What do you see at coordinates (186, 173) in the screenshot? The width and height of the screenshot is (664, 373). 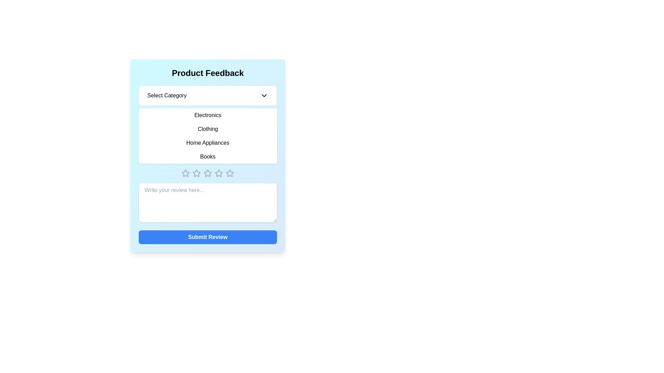 I see `the first interactive rating star icon located below the review comments input area` at bounding box center [186, 173].